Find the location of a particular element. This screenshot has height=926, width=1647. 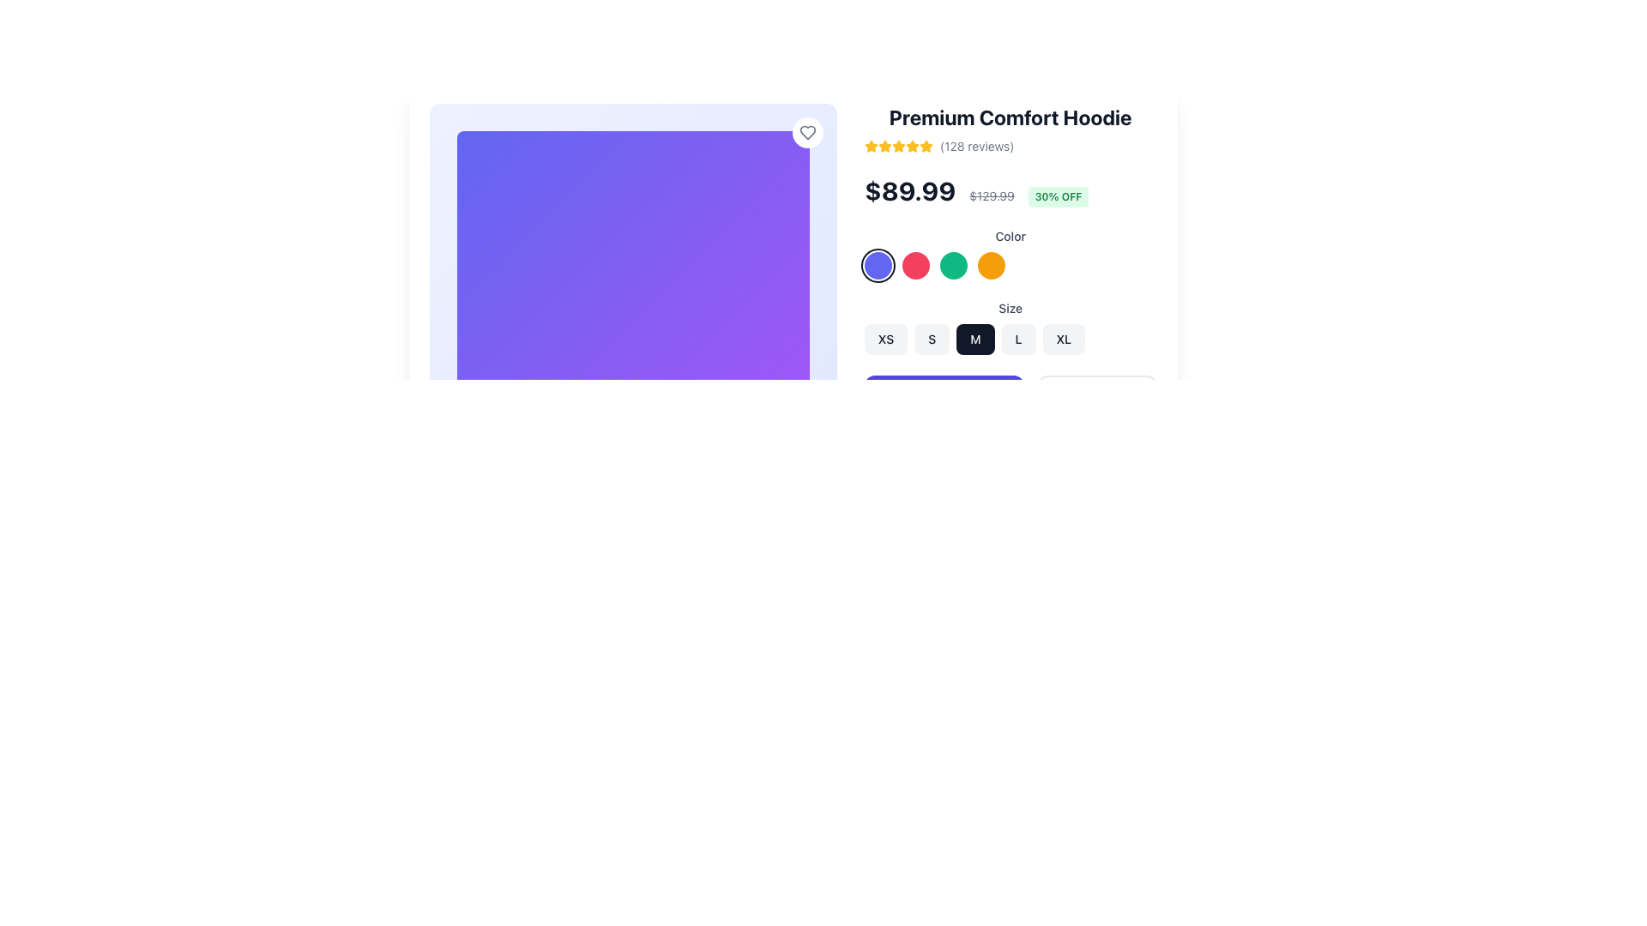

the first star icon in the rating system for the 'Premium Comfort Hoodie', which is located above the price information is located at coordinates (871, 145).